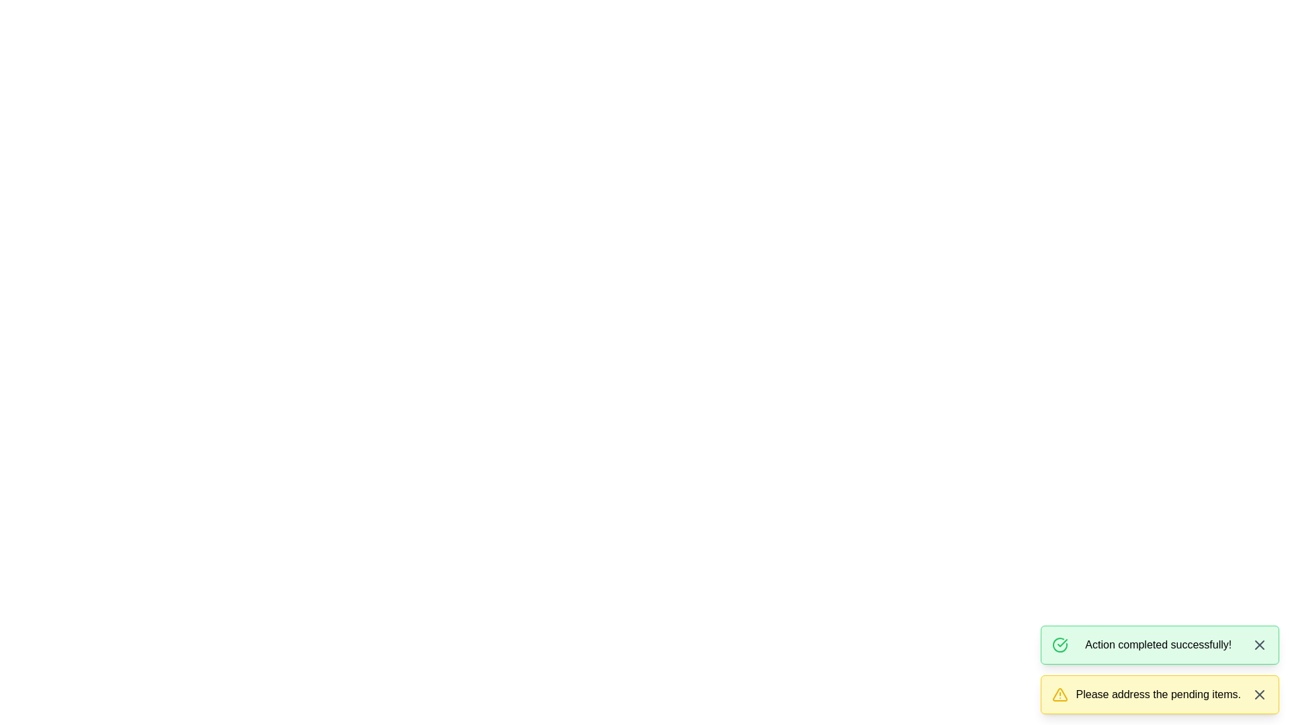 The image size is (1290, 725). I want to click on close button of the message with text 'Action completed successfully!', so click(1259, 644).